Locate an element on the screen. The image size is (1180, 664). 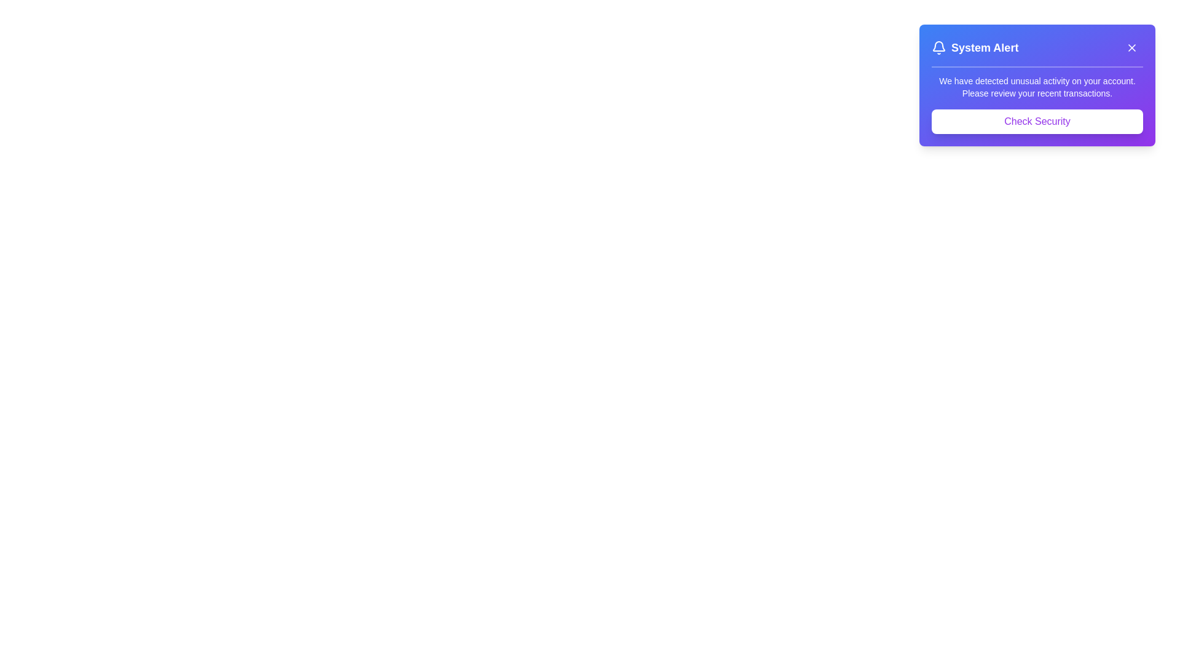
the close button in the top-right corner of the alert banner to dismiss it is located at coordinates (1131, 47).